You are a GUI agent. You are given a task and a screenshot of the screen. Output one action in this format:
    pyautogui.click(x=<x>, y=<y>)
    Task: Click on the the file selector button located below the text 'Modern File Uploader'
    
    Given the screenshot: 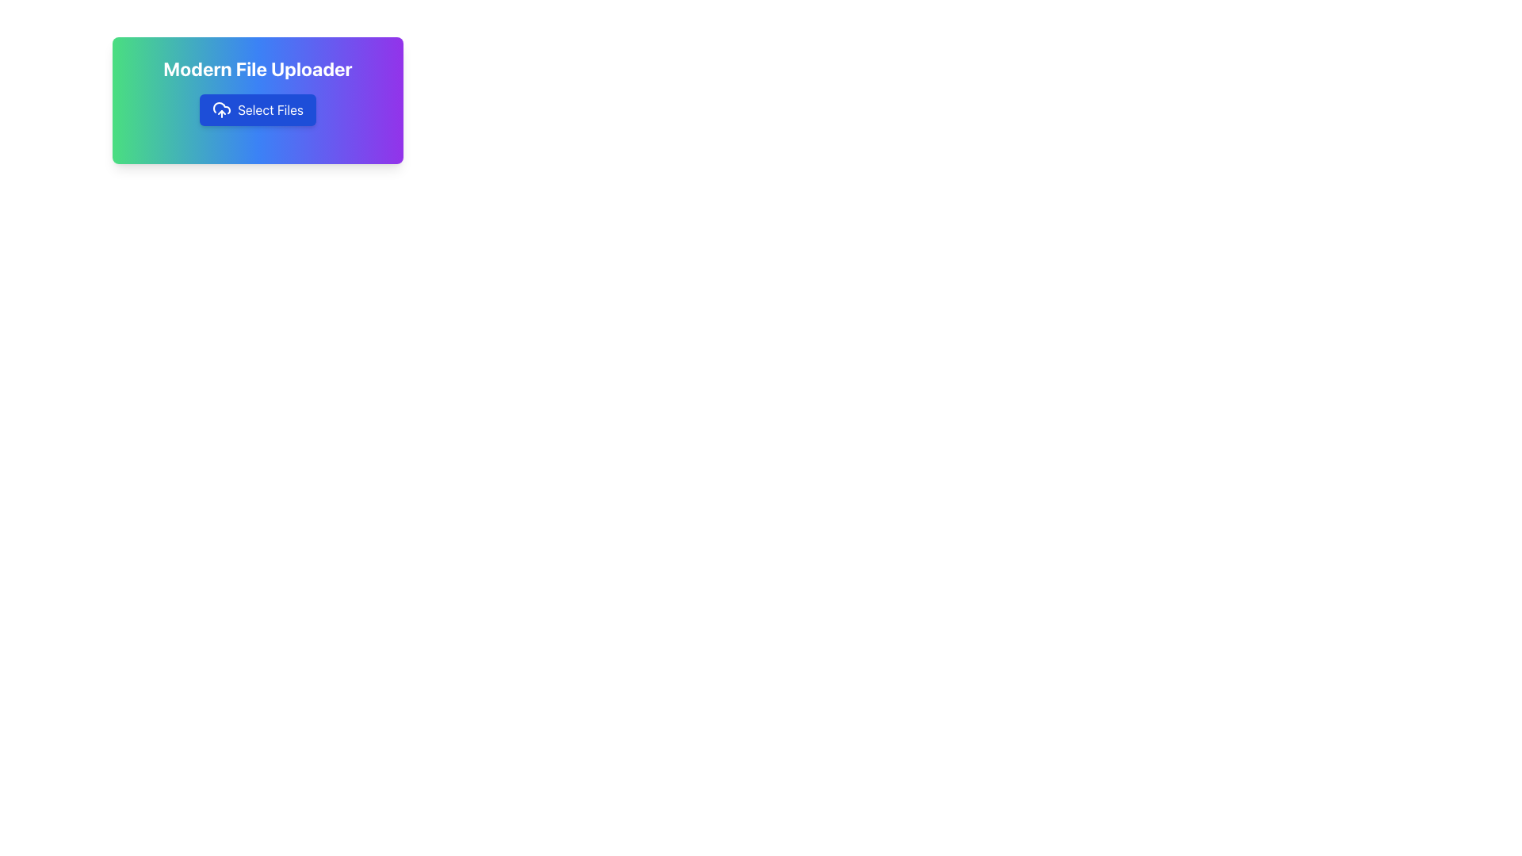 What is the action you would take?
    pyautogui.click(x=258, y=109)
    